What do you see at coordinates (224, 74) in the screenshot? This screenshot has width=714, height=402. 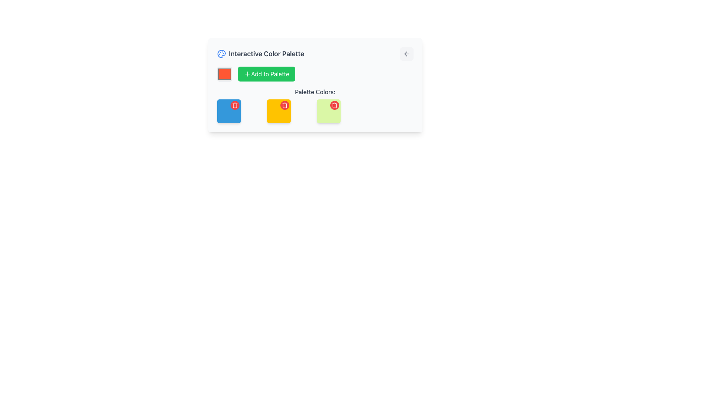 I see `the square-shaped color picker field with a red fill located next to the green button labeled 'Add to Palette'` at bounding box center [224, 74].